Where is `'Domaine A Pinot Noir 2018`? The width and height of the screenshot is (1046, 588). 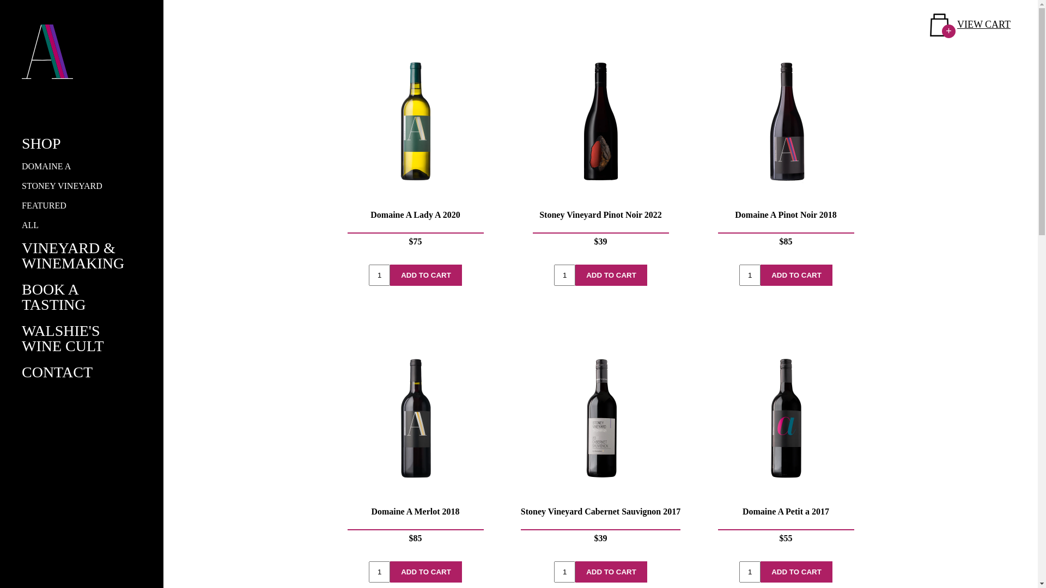 'Domaine A Pinot Noir 2018 is located at coordinates (785, 151).